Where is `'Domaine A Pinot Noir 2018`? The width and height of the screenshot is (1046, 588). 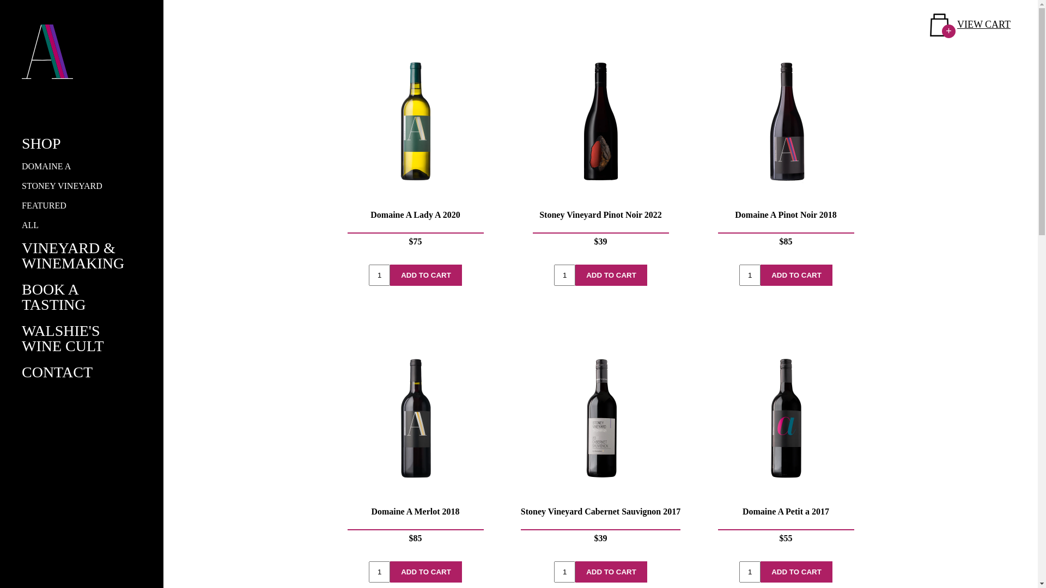 'Domaine A Pinot Noir 2018 is located at coordinates (785, 151).